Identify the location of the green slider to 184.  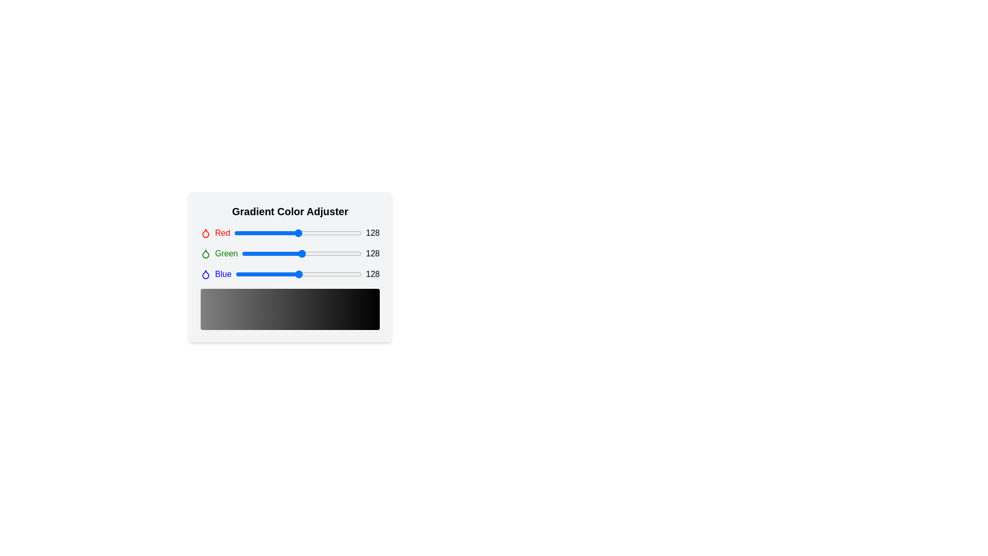
(328, 254).